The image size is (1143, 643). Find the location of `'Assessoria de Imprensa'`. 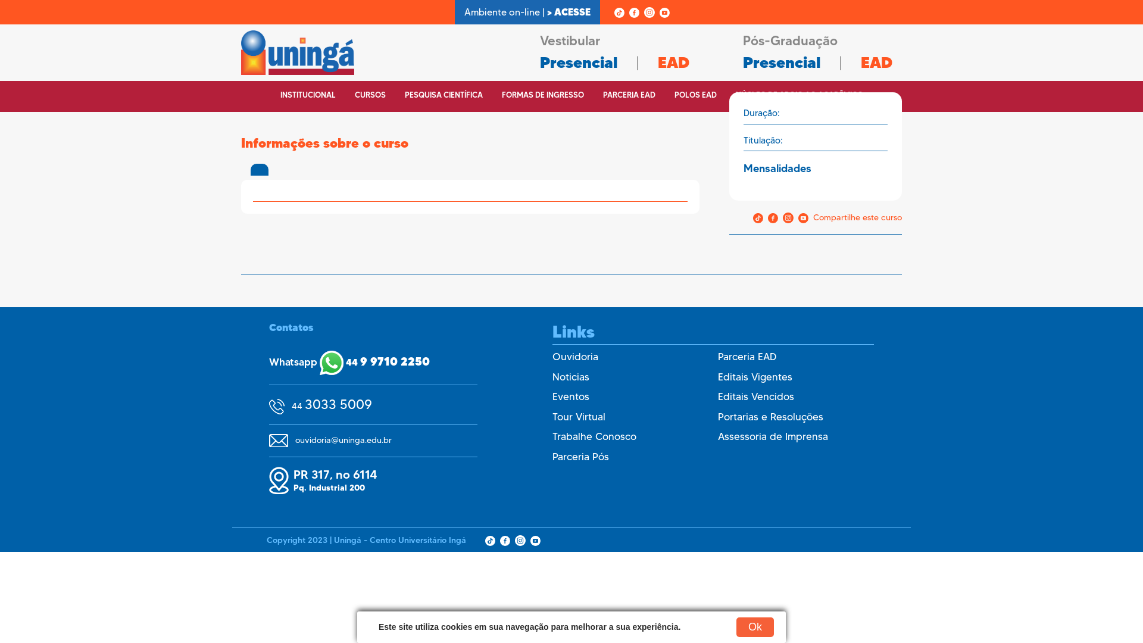

'Assessoria de Imprensa' is located at coordinates (796, 436).